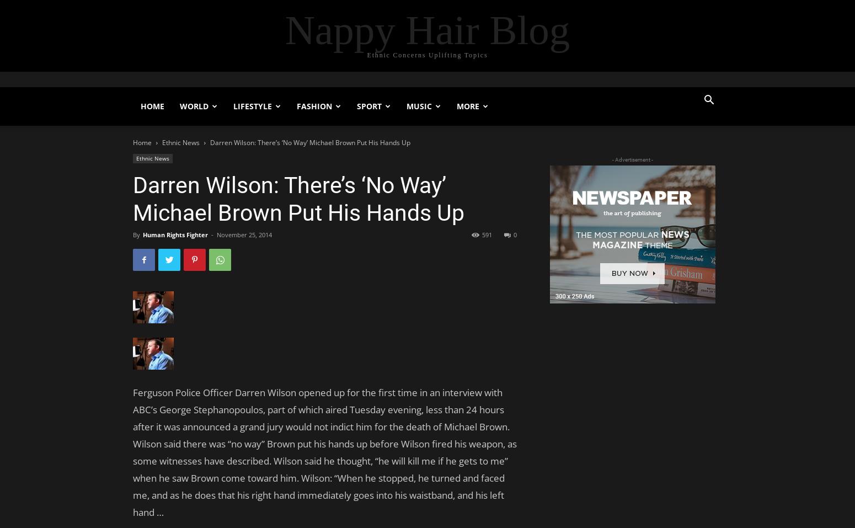 The image size is (855, 528). What do you see at coordinates (244, 234) in the screenshot?
I see `'November 25, 2014'` at bounding box center [244, 234].